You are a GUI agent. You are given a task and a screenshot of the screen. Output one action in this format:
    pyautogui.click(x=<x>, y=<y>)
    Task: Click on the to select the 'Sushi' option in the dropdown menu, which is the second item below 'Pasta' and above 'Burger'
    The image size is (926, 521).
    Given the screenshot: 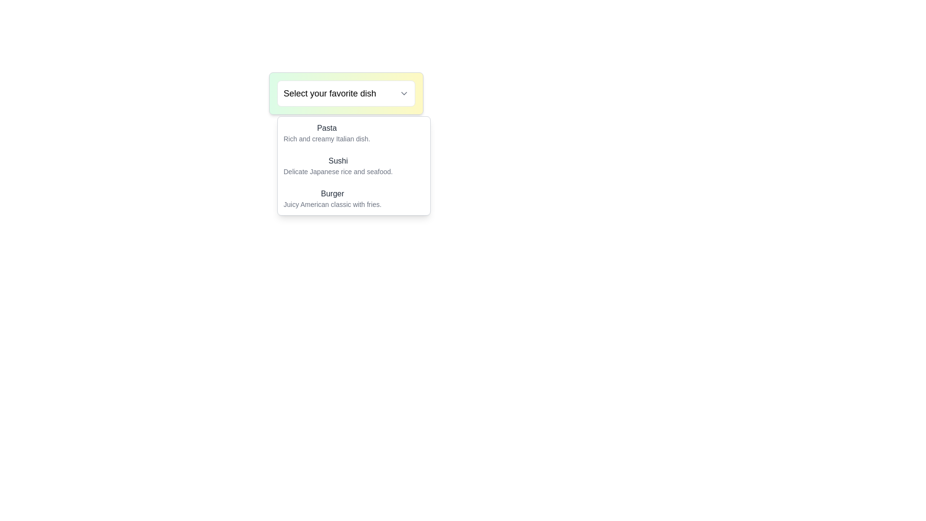 What is the action you would take?
    pyautogui.click(x=338, y=165)
    